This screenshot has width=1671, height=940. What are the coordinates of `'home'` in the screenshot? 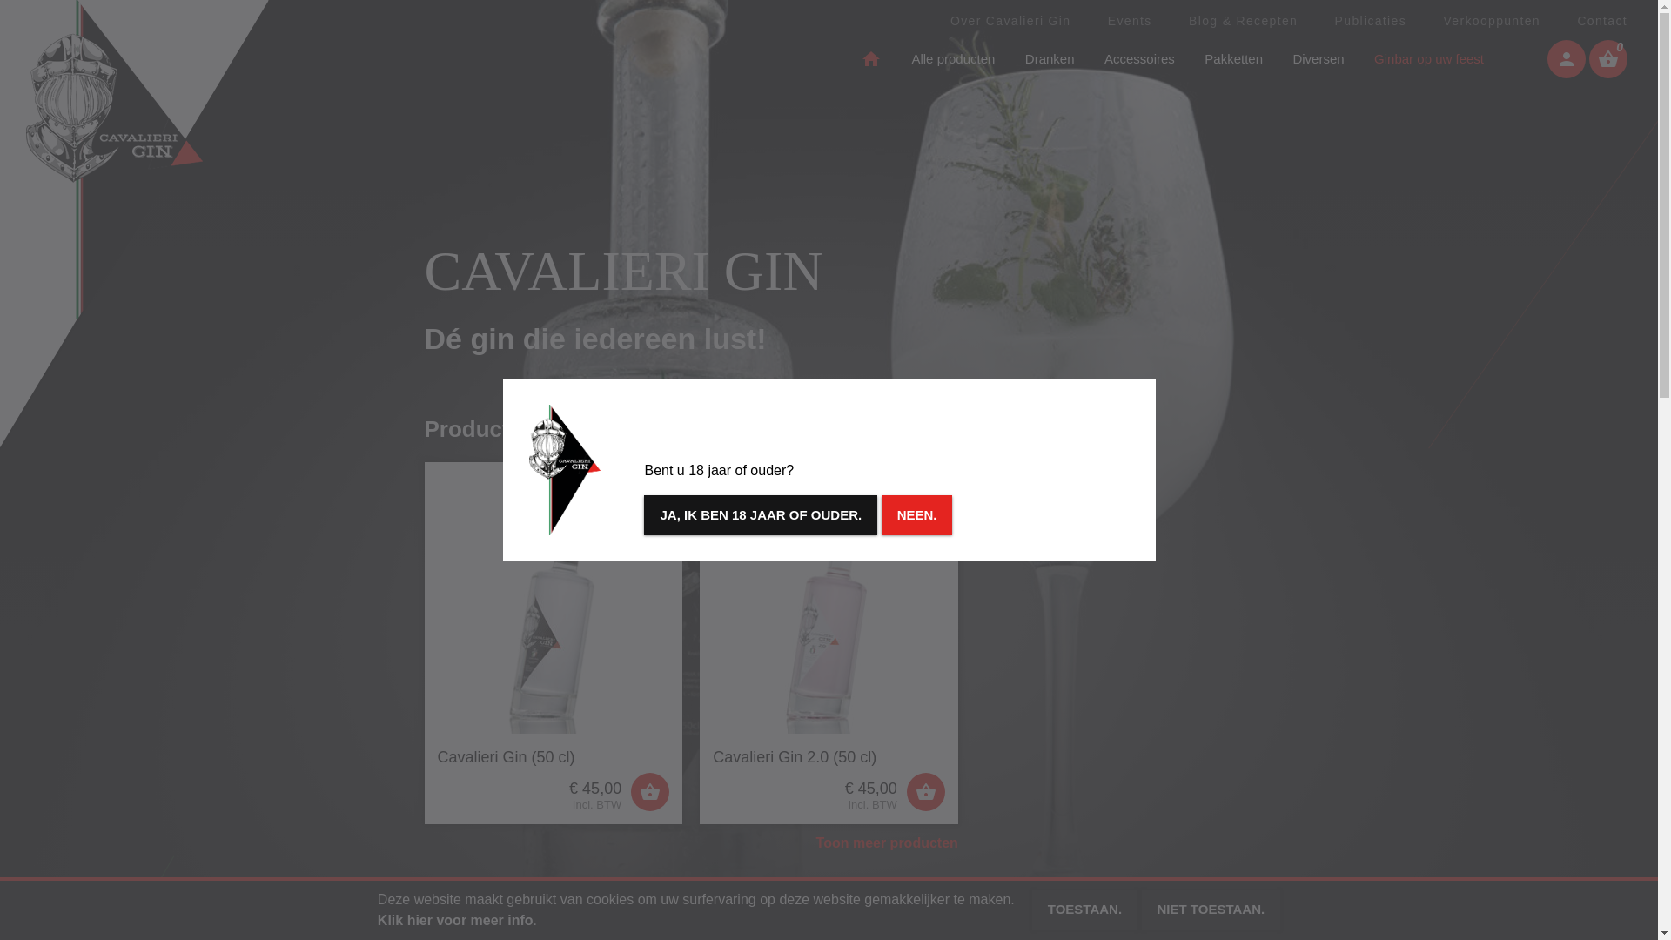 It's located at (871, 57).